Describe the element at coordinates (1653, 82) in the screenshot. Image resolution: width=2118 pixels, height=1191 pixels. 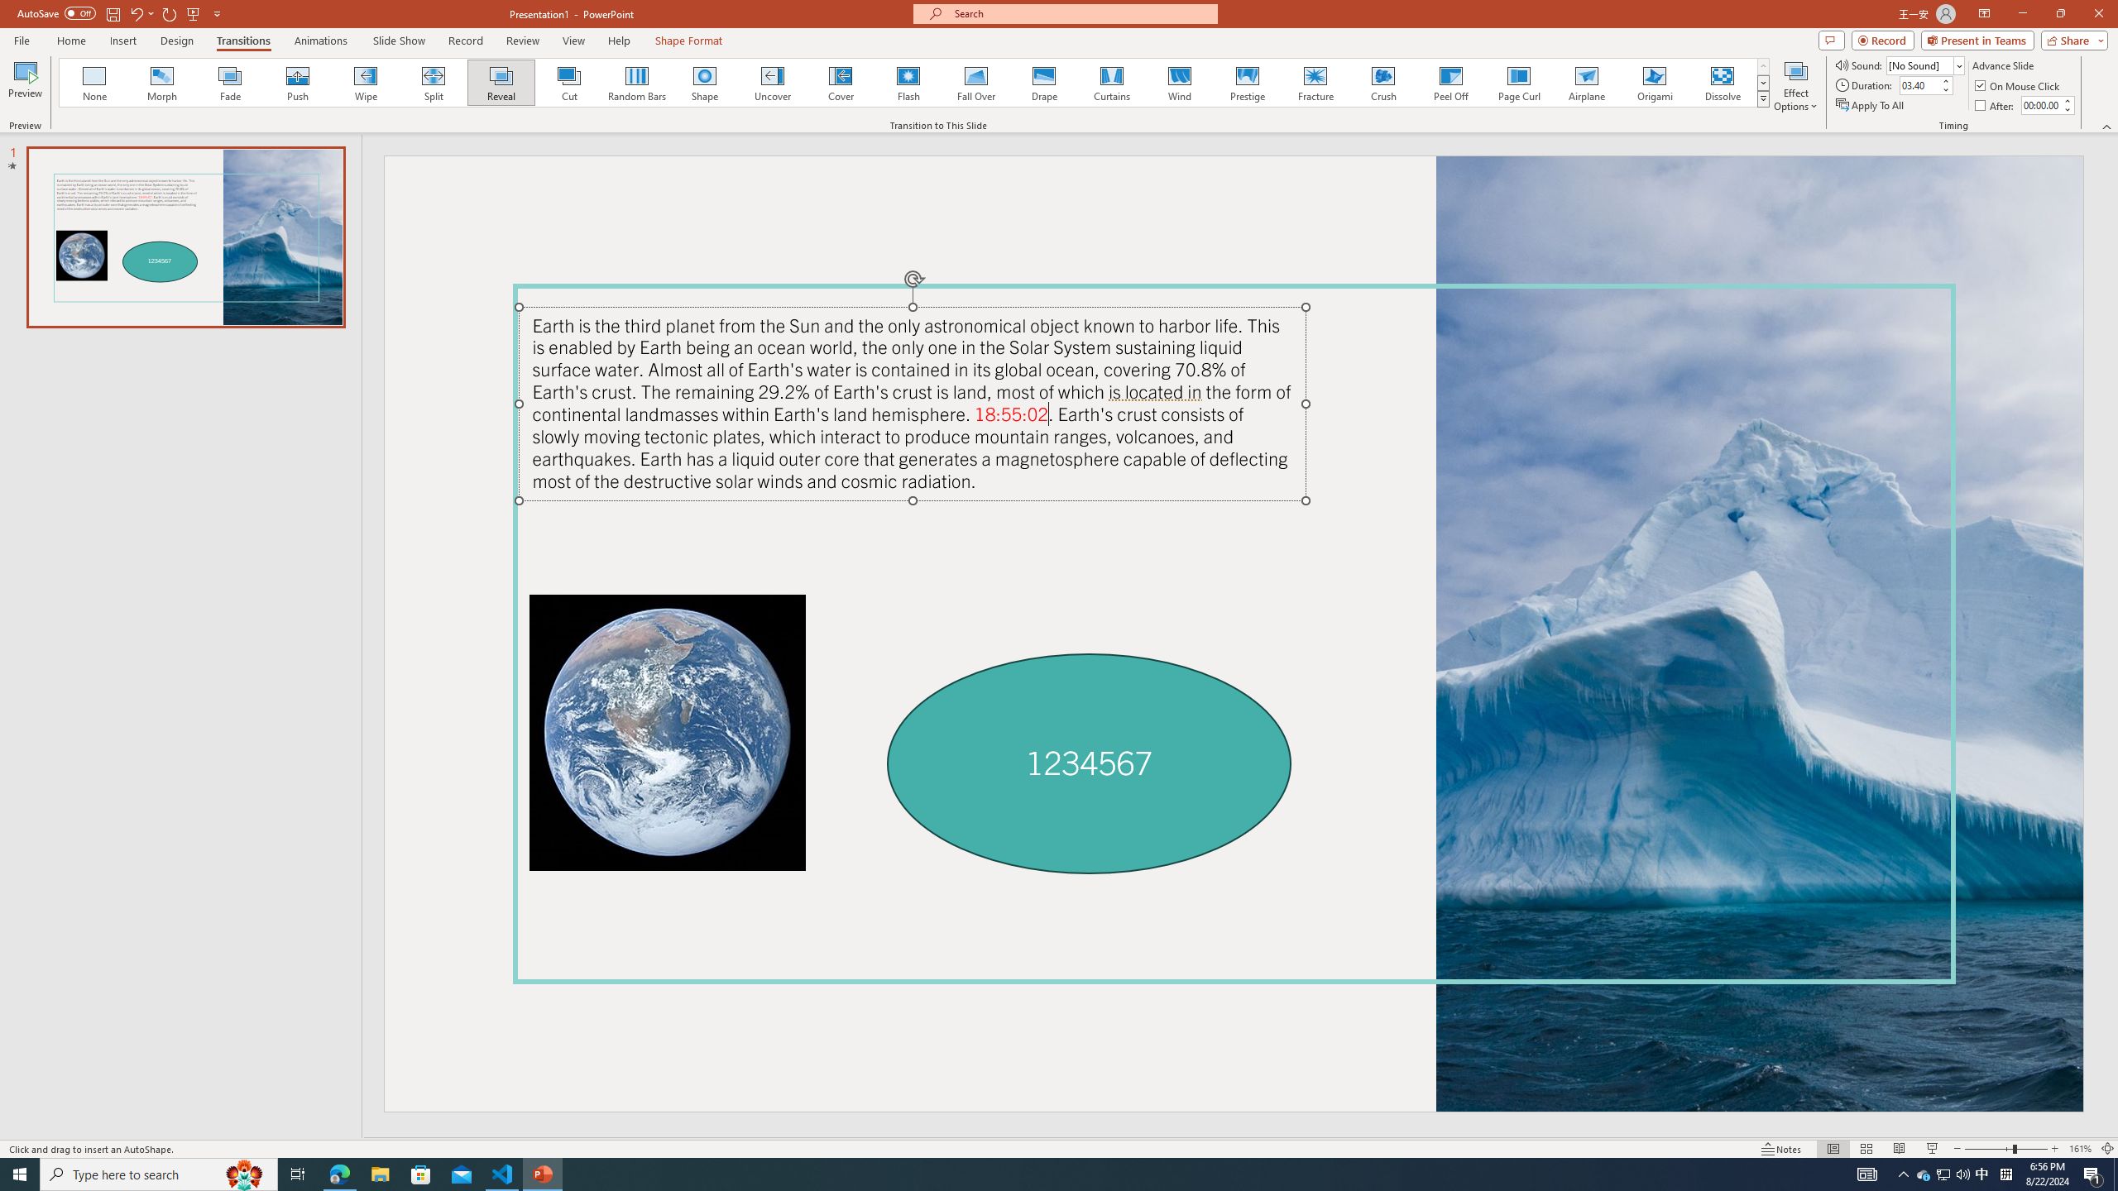
I see `'Origami'` at that location.